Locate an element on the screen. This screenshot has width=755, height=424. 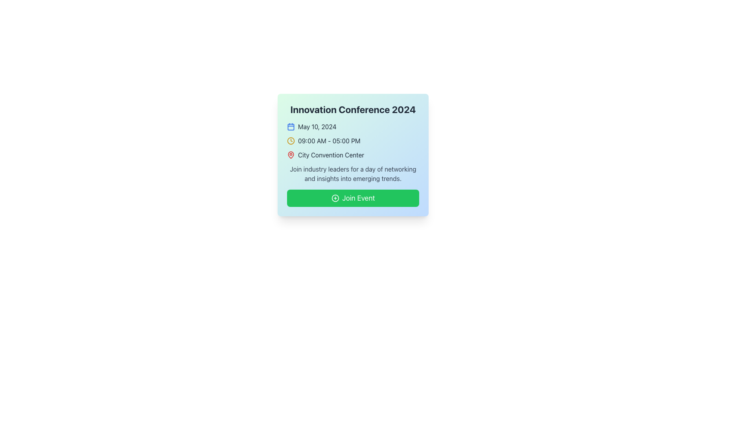
static text element displaying the date 'May 10, 2024', which is positioned to the right of a blue calendar icon in the event details section of the card interface is located at coordinates (317, 126).